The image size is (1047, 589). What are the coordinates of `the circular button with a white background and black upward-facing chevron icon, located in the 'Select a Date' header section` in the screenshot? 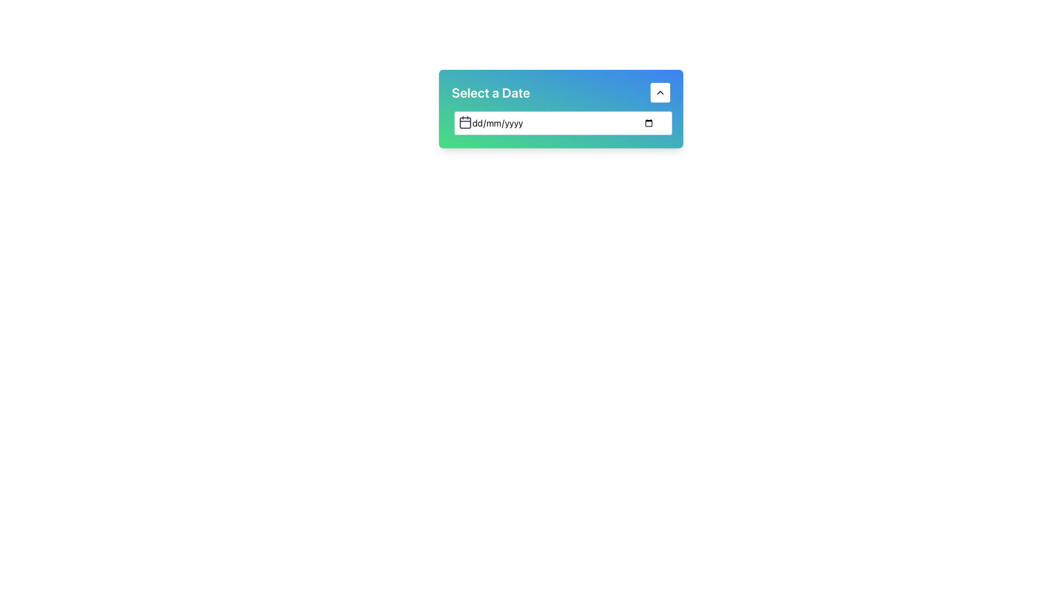 It's located at (659, 92).